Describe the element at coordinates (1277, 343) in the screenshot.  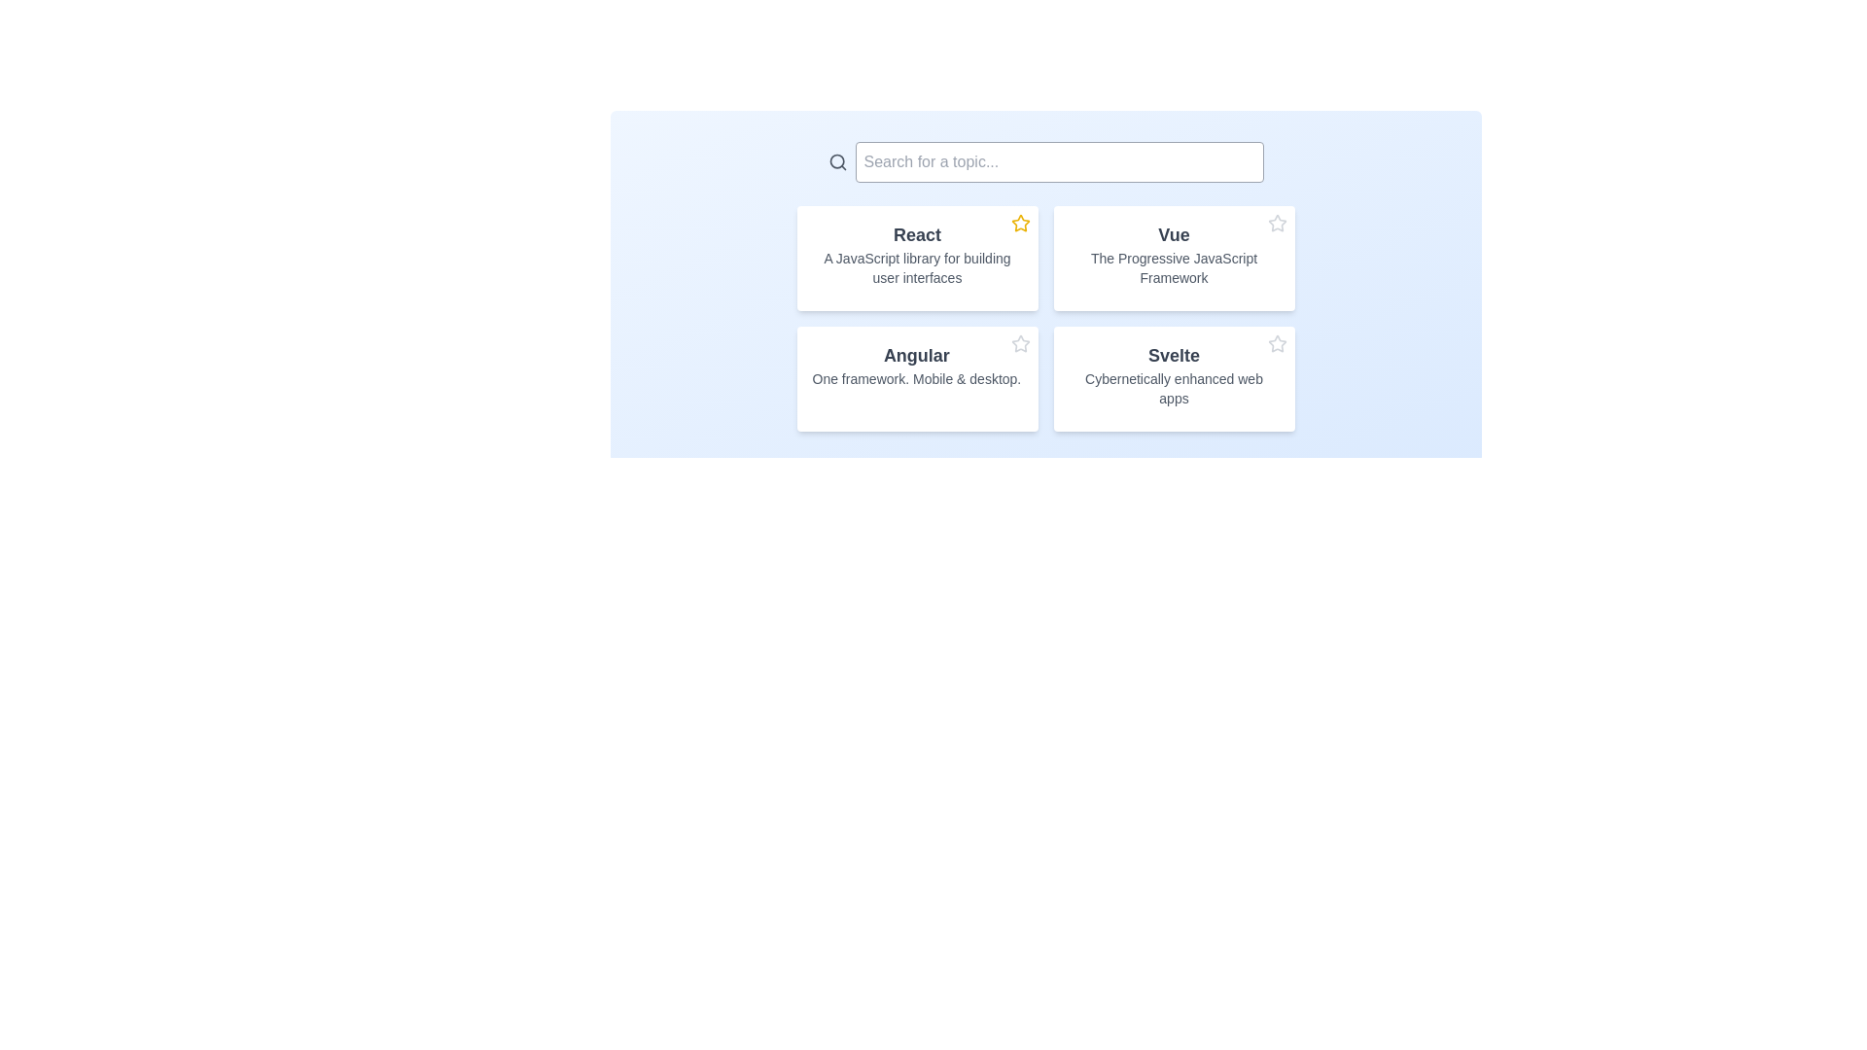
I see `the star icon in the top-right corner of the 'Svelte' card` at that location.